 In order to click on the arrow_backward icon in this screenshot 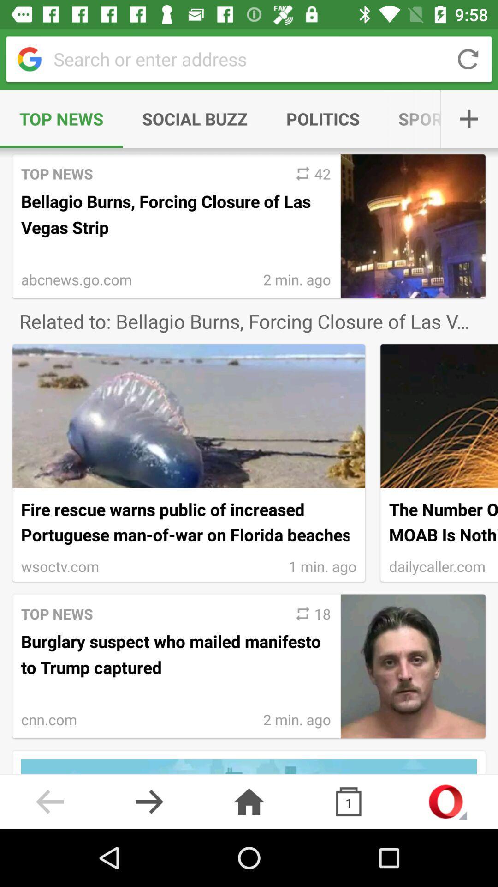, I will do `click(50, 801)`.